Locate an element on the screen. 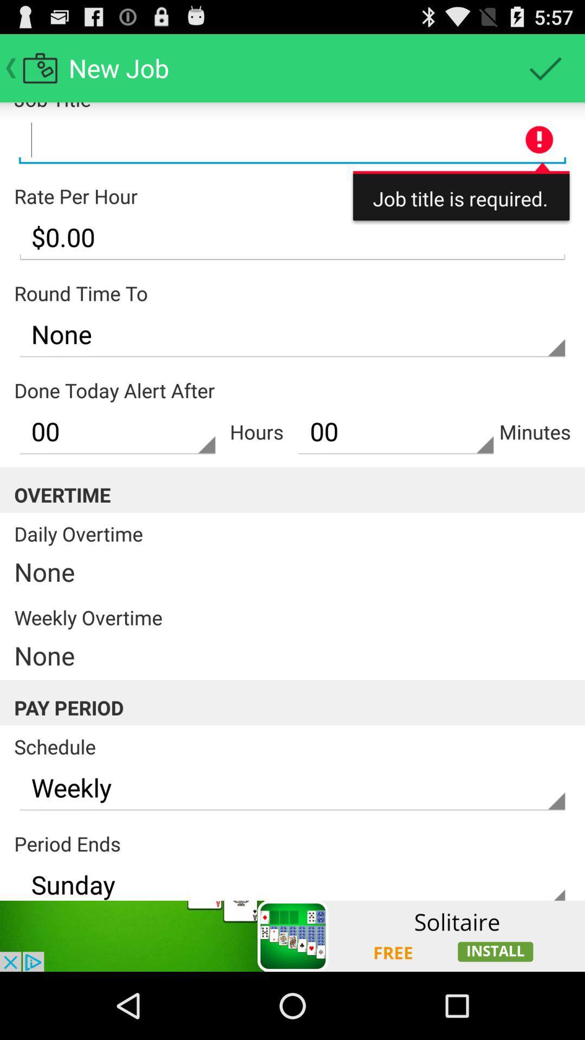 The width and height of the screenshot is (585, 1040). job title is located at coordinates (292, 140).